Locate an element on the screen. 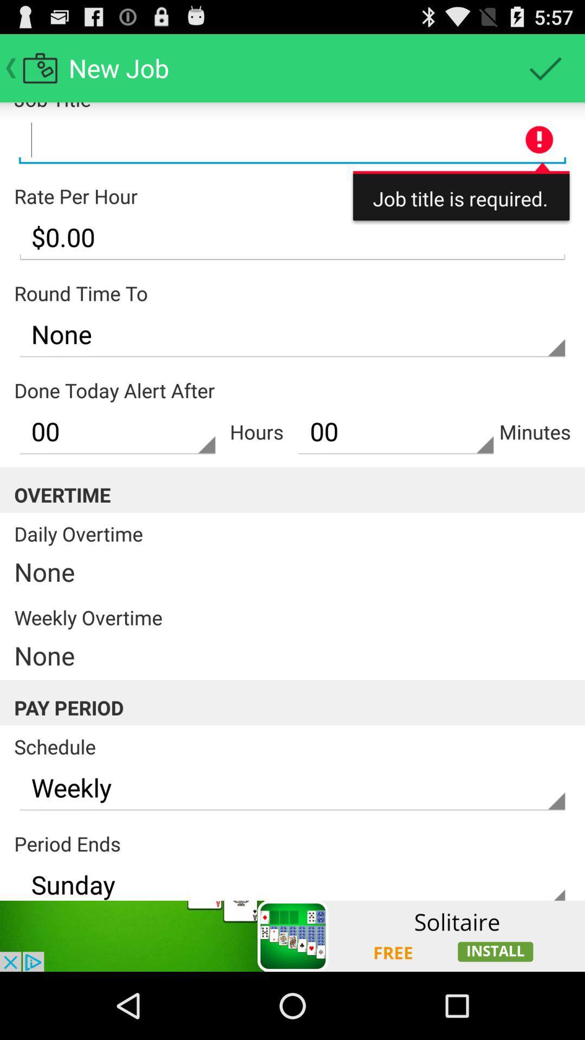 The width and height of the screenshot is (585, 1040). job title is located at coordinates (292, 140).